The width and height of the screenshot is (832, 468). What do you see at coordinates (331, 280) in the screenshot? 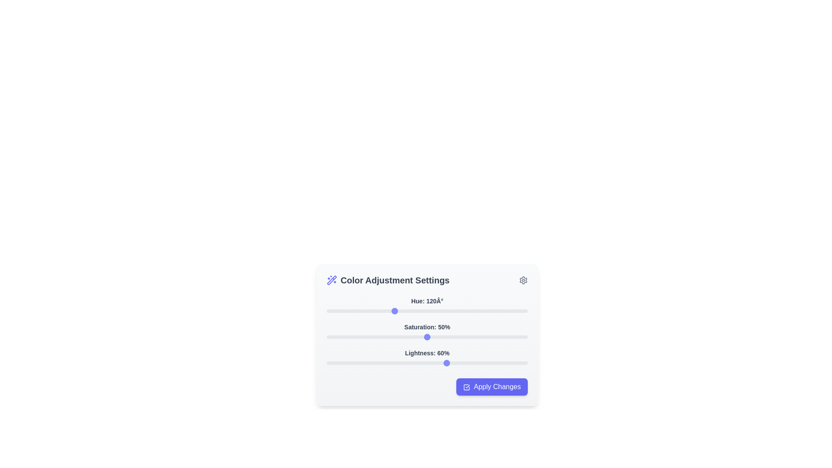
I see `the decorative icon for the 'Color Adjustment Settings' section, located to the left of the section's title` at bounding box center [331, 280].